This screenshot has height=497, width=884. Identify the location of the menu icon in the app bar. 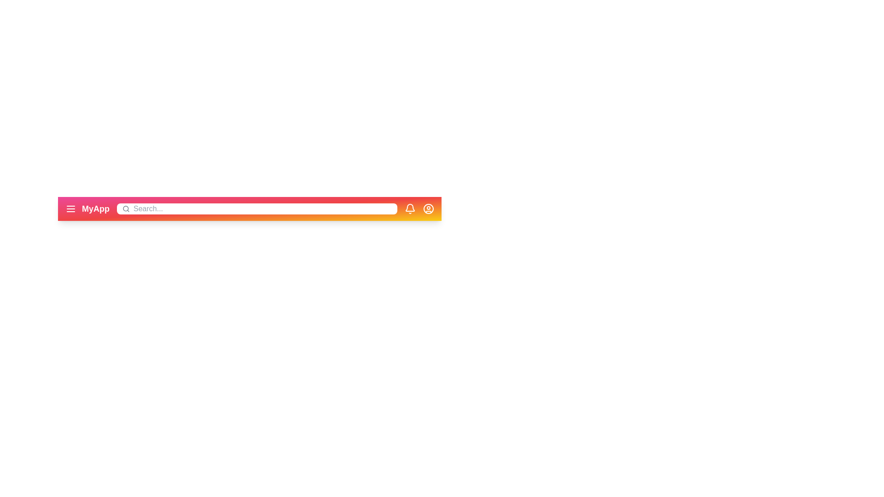
(70, 209).